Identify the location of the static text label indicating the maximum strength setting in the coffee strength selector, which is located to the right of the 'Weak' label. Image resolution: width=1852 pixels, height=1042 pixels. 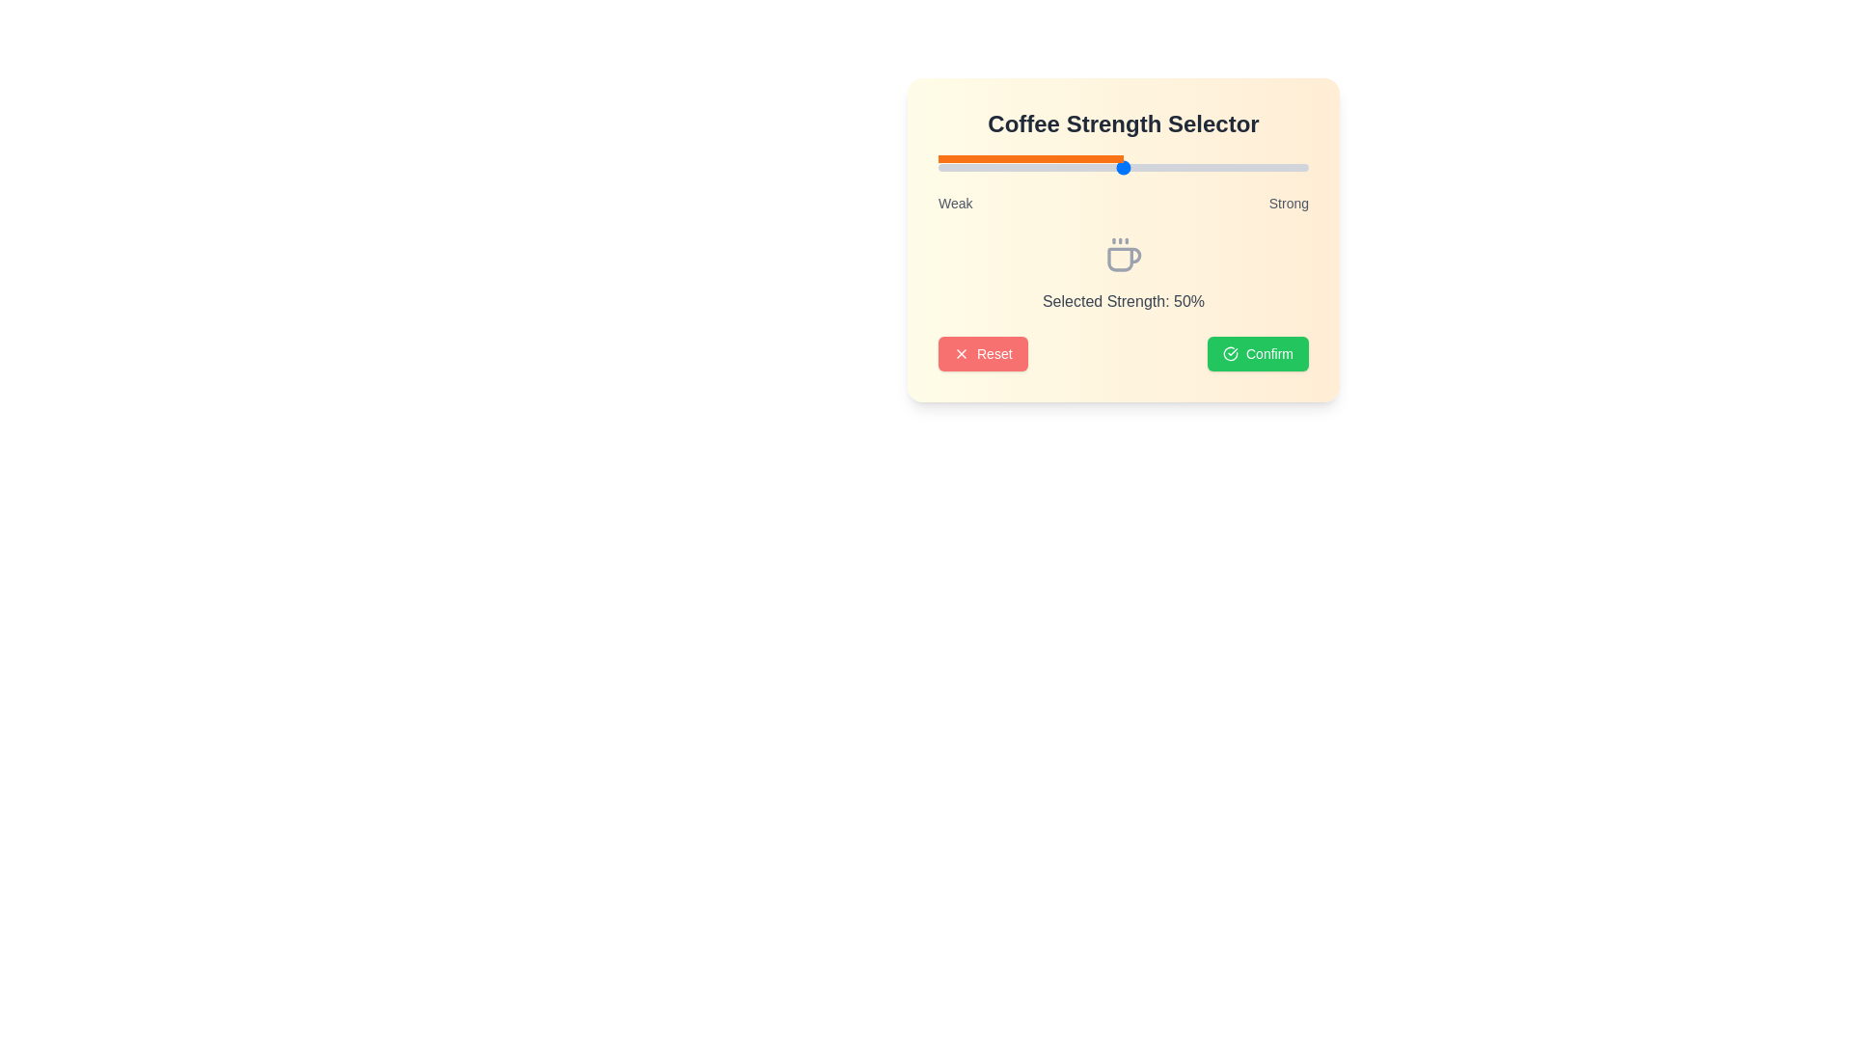
(1289, 204).